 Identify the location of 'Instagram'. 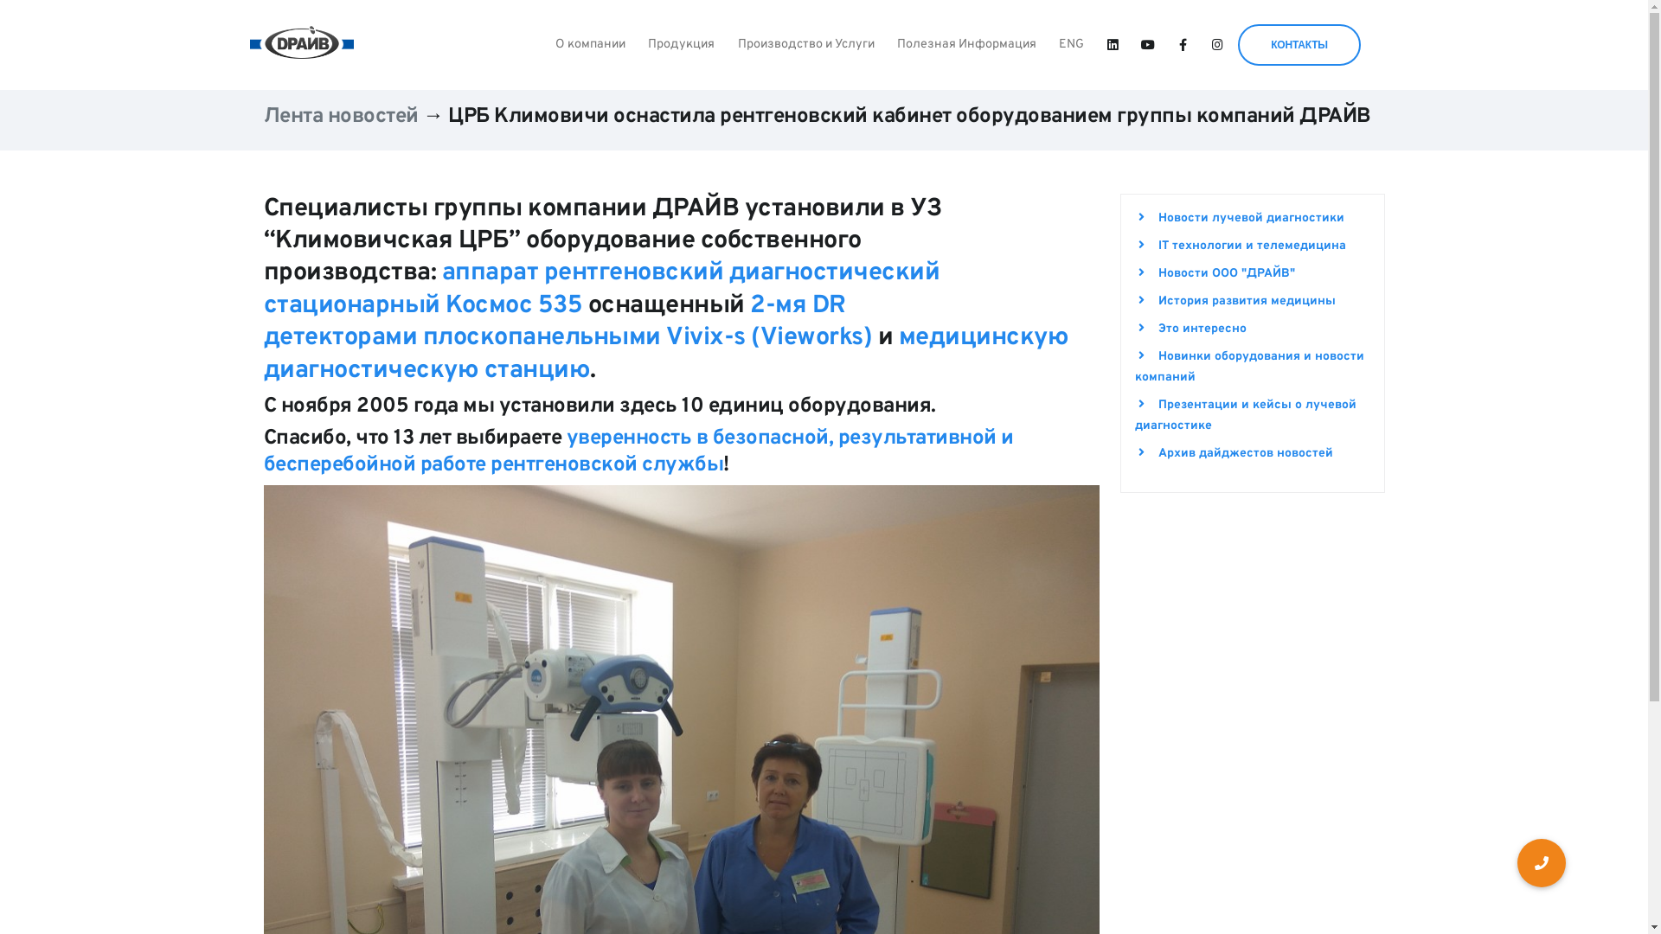
(1216, 45).